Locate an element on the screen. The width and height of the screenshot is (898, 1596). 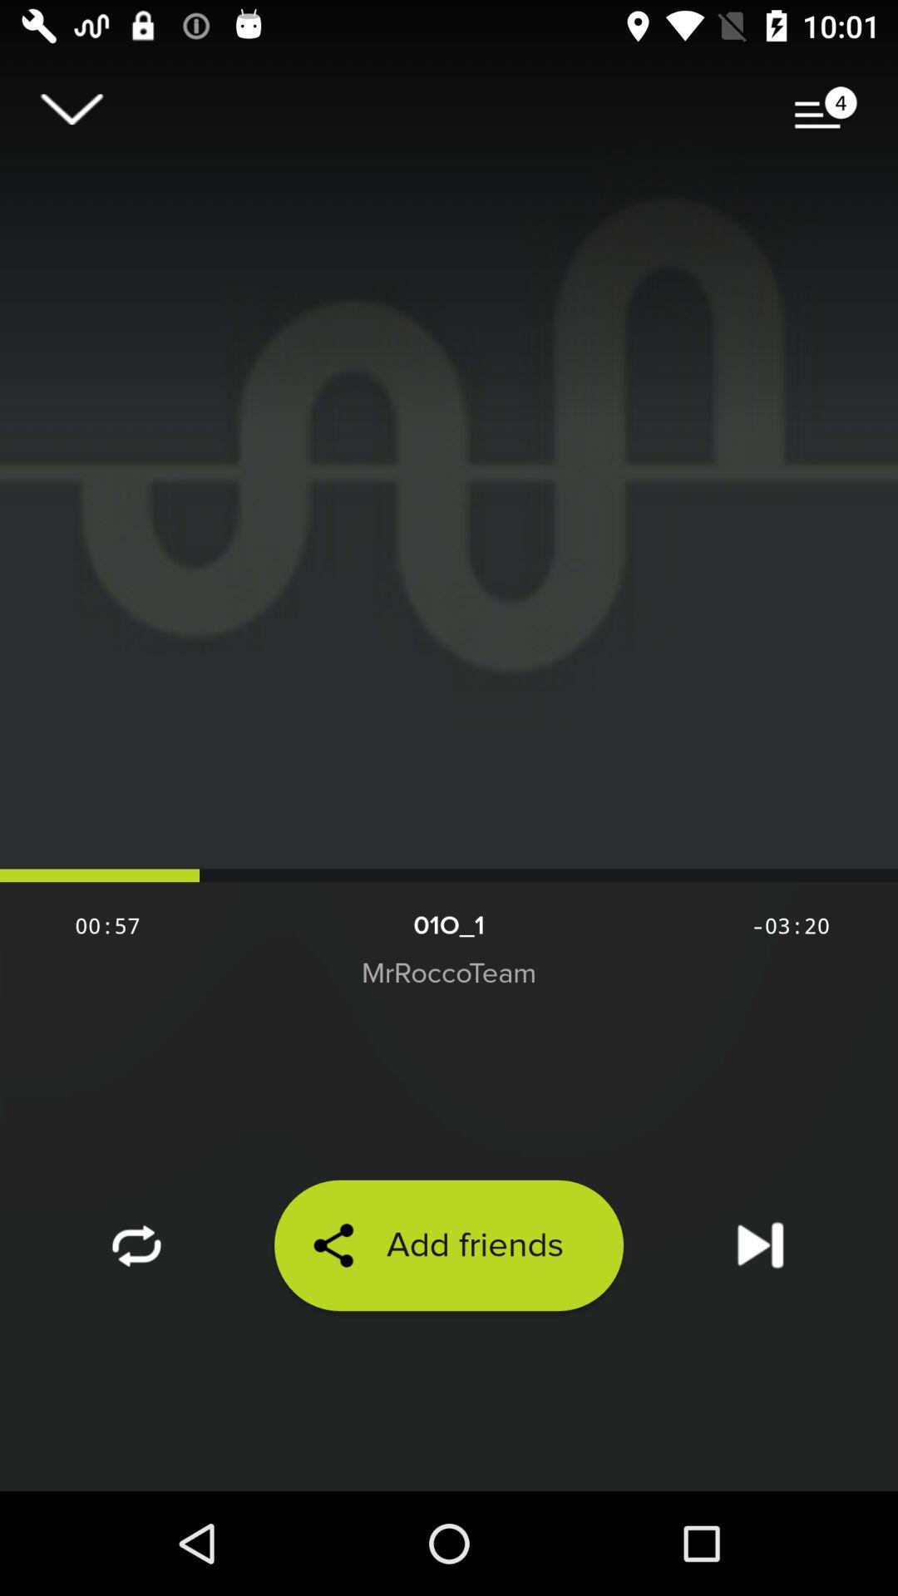
the skip_next icon is located at coordinates (760, 1332).